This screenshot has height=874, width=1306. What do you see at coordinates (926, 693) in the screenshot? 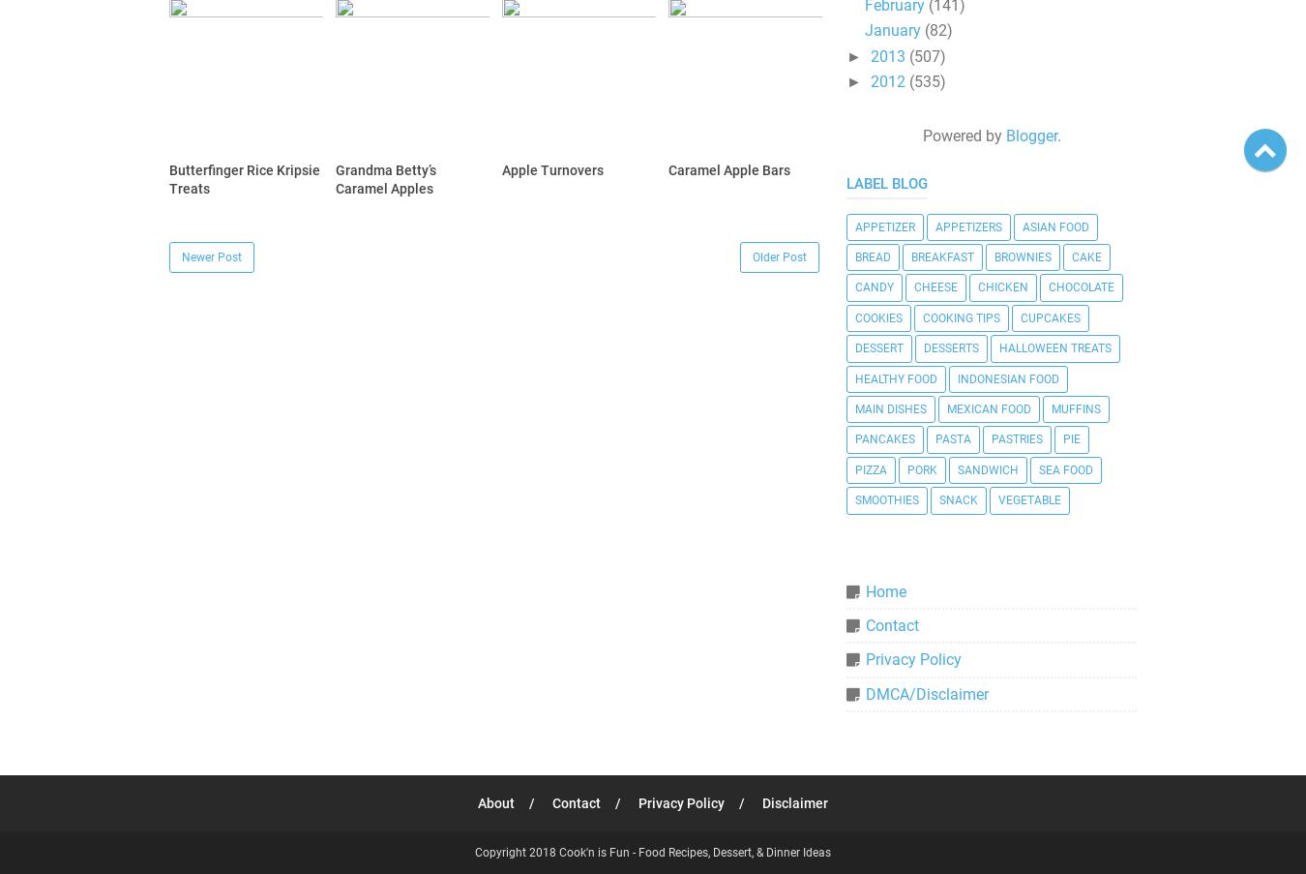
I see `'DMCA/Disclaimer'` at bounding box center [926, 693].